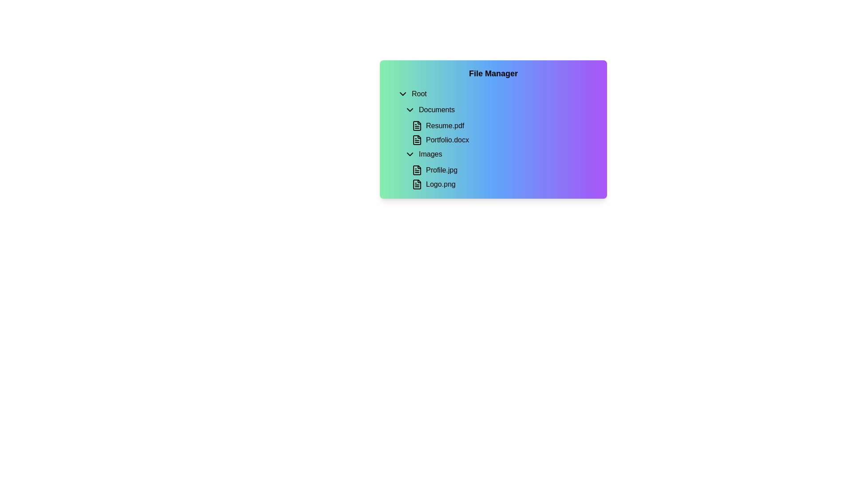 This screenshot has width=852, height=479. What do you see at coordinates (501, 170) in the screenshot?
I see `the 'Profile.jpg' list item in the file manager` at bounding box center [501, 170].